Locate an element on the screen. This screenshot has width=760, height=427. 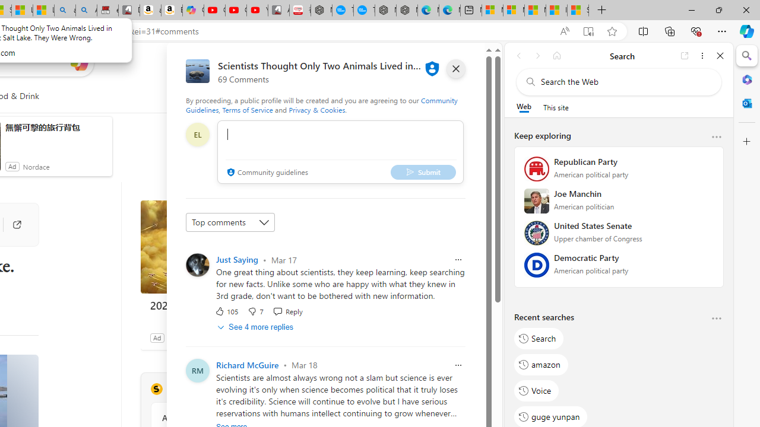
'Browser essentials' is located at coordinates (695, 30).